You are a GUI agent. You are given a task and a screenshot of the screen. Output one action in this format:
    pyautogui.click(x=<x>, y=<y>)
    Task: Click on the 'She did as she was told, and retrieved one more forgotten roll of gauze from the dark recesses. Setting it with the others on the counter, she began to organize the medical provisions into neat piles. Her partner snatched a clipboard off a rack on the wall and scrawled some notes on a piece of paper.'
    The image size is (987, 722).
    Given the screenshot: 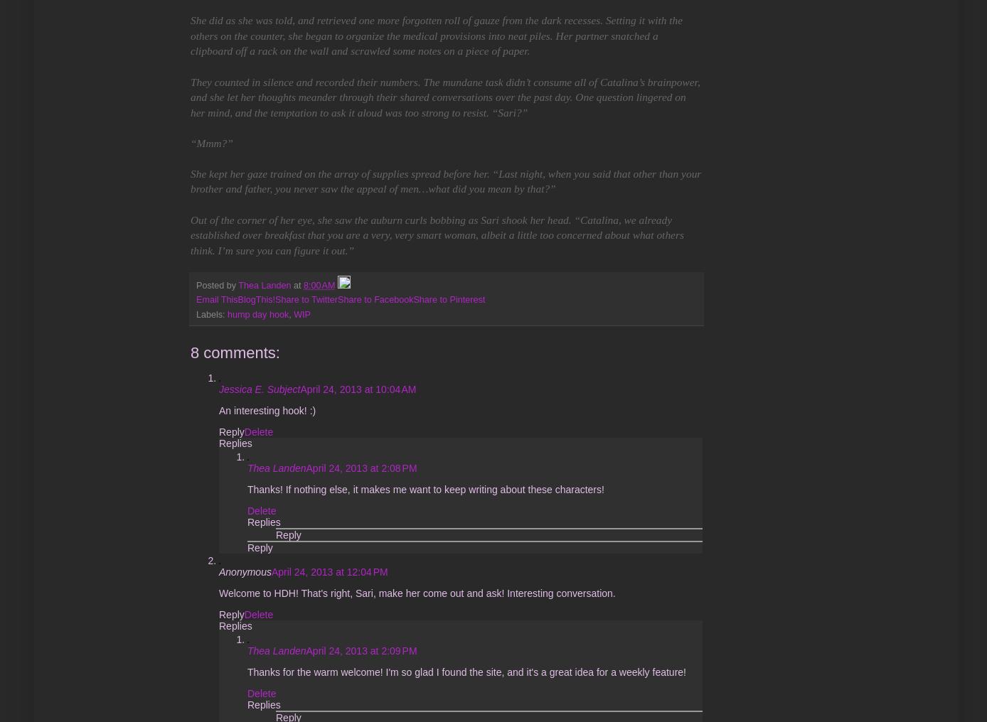 What is the action you would take?
    pyautogui.click(x=437, y=34)
    